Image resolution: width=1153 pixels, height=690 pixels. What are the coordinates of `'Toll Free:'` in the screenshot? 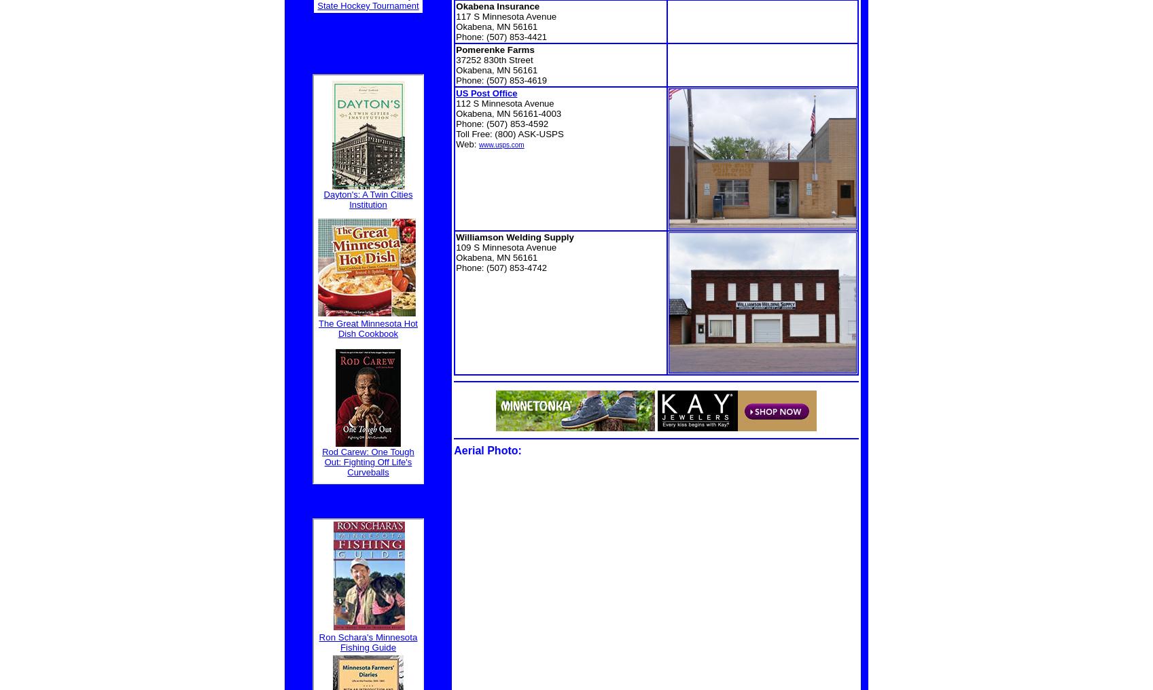 It's located at (474, 134).